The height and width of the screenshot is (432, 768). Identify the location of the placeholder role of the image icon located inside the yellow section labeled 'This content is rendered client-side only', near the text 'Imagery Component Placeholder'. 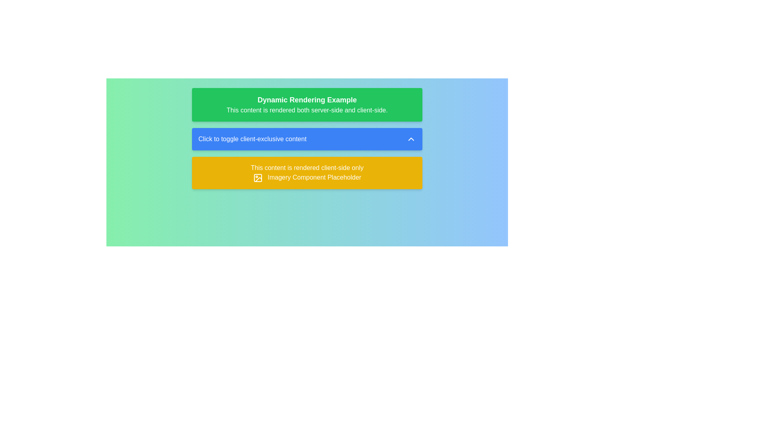
(258, 177).